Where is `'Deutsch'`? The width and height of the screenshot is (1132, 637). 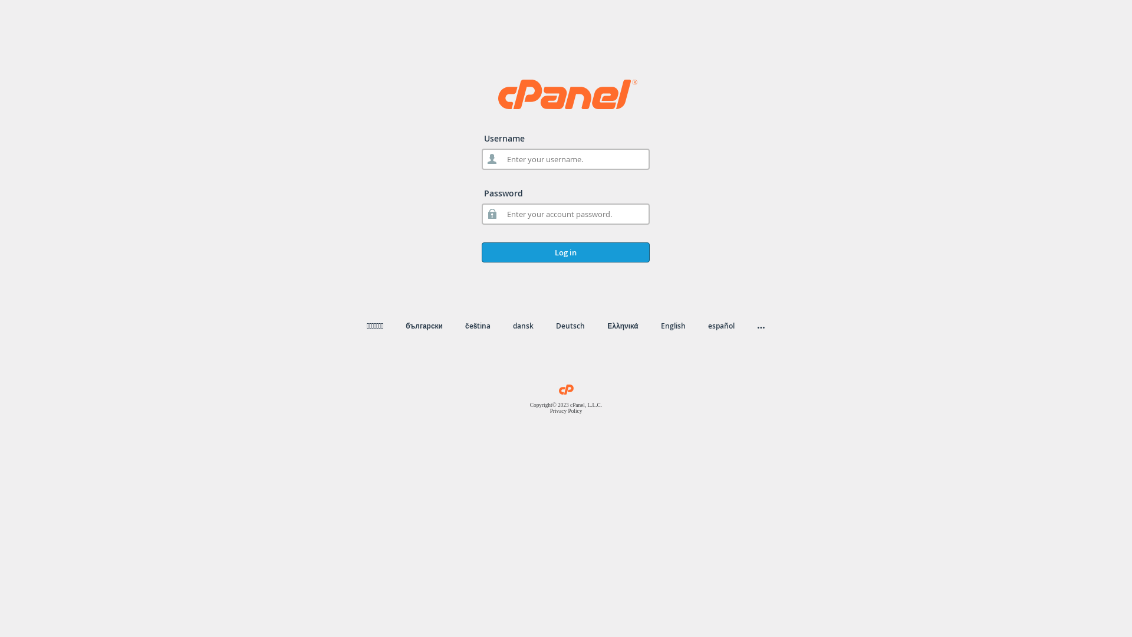 'Deutsch' is located at coordinates (570, 326).